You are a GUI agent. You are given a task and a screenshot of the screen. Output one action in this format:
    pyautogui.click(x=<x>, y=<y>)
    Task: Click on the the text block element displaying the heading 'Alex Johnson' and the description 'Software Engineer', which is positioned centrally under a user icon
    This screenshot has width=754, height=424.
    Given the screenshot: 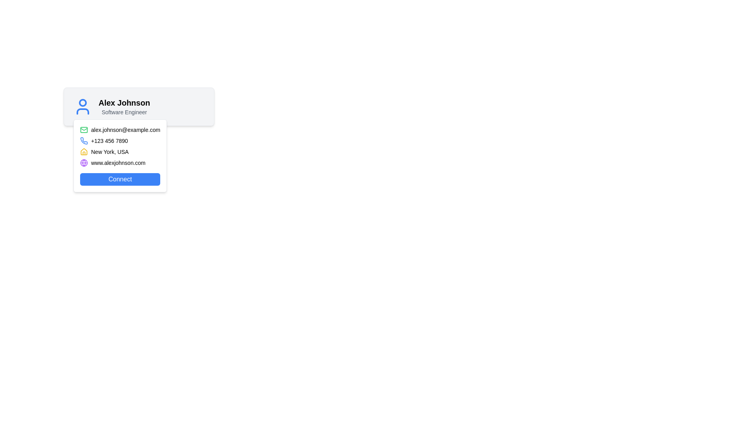 What is the action you would take?
    pyautogui.click(x=124, y=107)
    